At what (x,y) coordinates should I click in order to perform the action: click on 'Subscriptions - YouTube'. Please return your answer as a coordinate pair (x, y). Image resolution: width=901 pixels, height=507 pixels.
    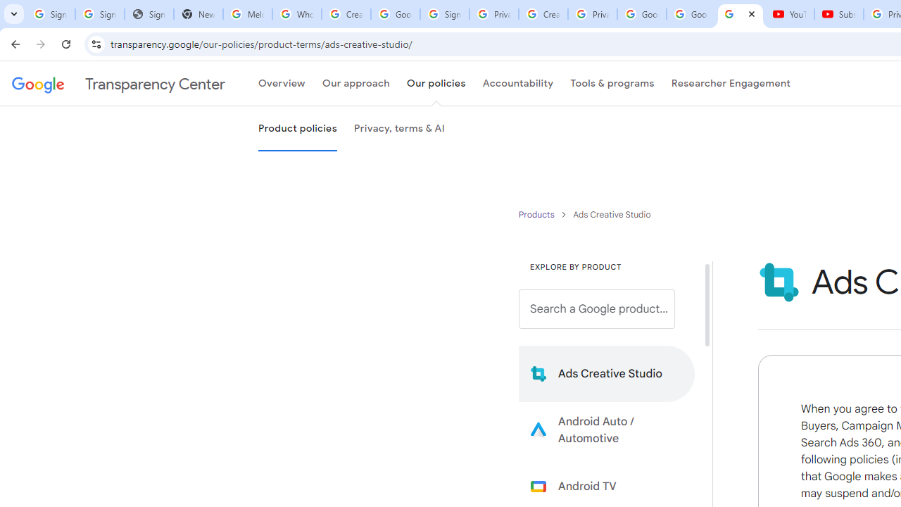
    Looking at the image, I should click on (839, 14).